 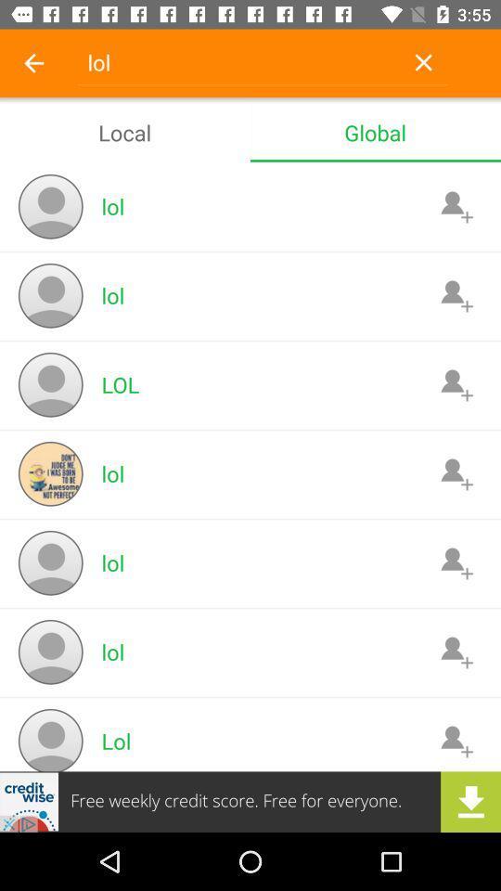 What do you see at coordinates (456, 295) in the screenshot?
I see `friend` at bounding box center [456, 295].